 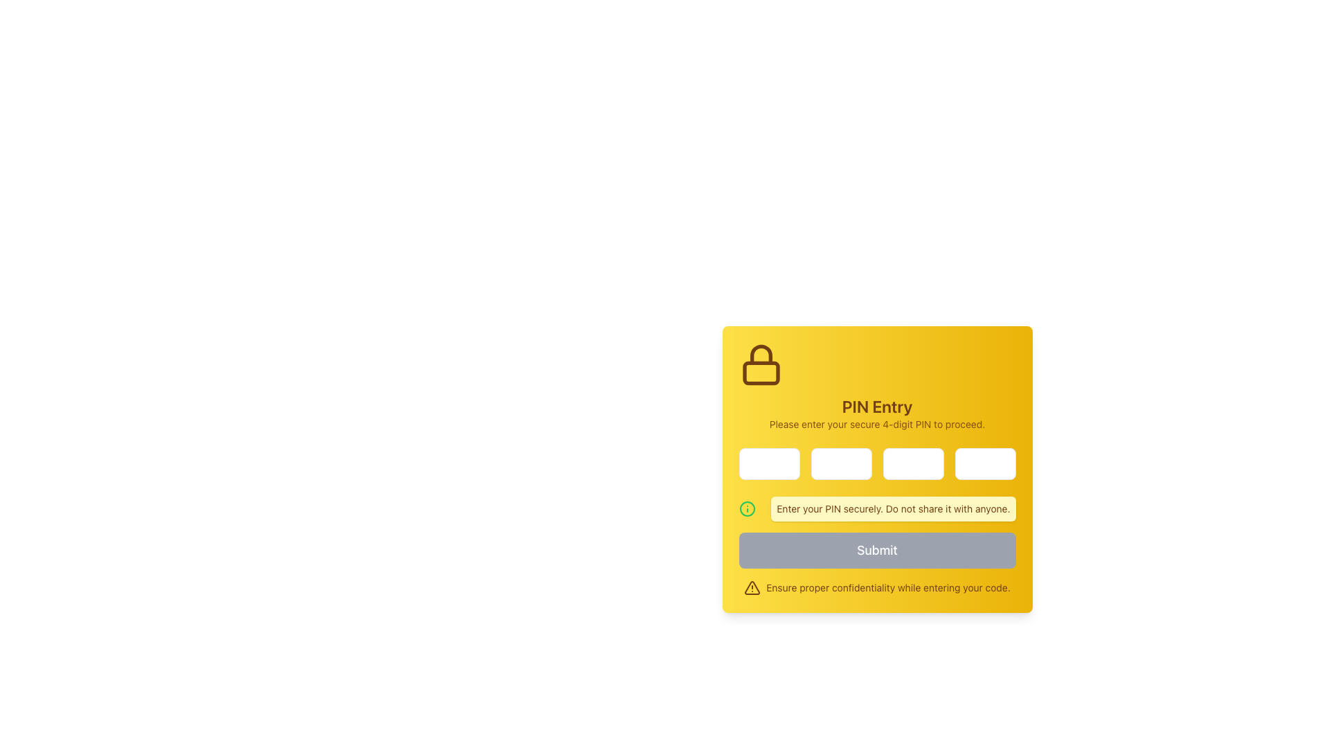 I want to click on the center of the Password input box located in the yellow-themed interface, so click(x=876, y=464).